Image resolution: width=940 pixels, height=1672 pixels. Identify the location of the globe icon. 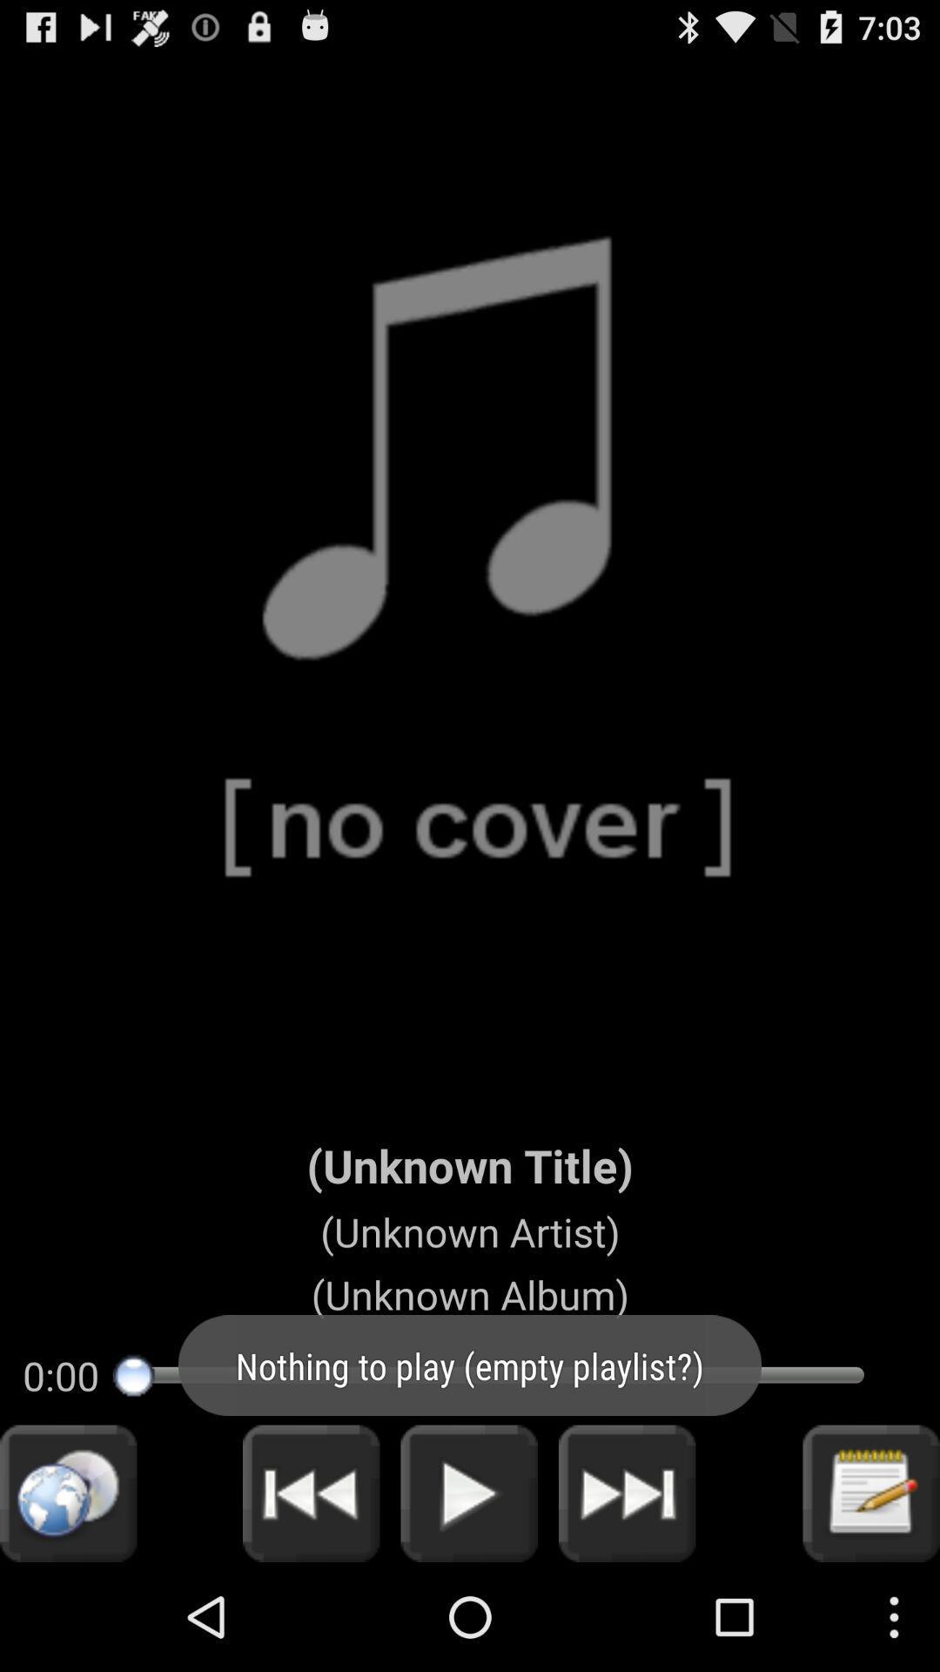
(67, 1598).